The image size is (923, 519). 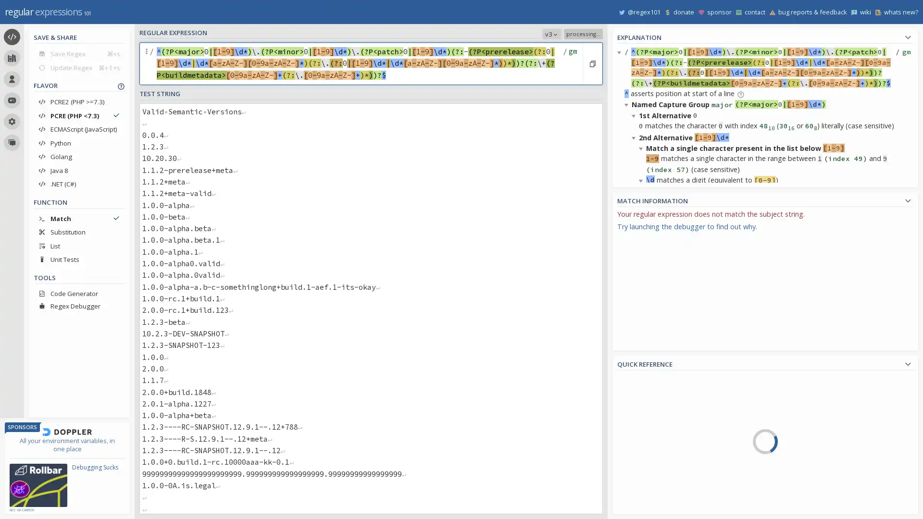 I want to click on Anchors, so click(x=662, y=440).